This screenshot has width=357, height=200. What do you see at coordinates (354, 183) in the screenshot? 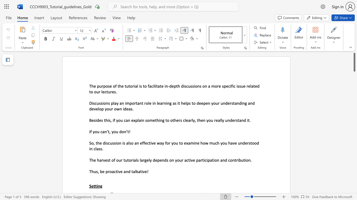
I see `the vertical scrollbar to lower the page content` at bounding box center [354, 183].